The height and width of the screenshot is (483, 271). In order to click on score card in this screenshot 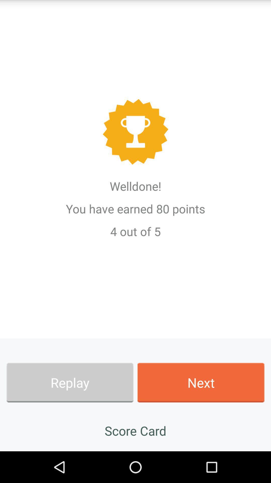, I will do `click(135, 430)`.